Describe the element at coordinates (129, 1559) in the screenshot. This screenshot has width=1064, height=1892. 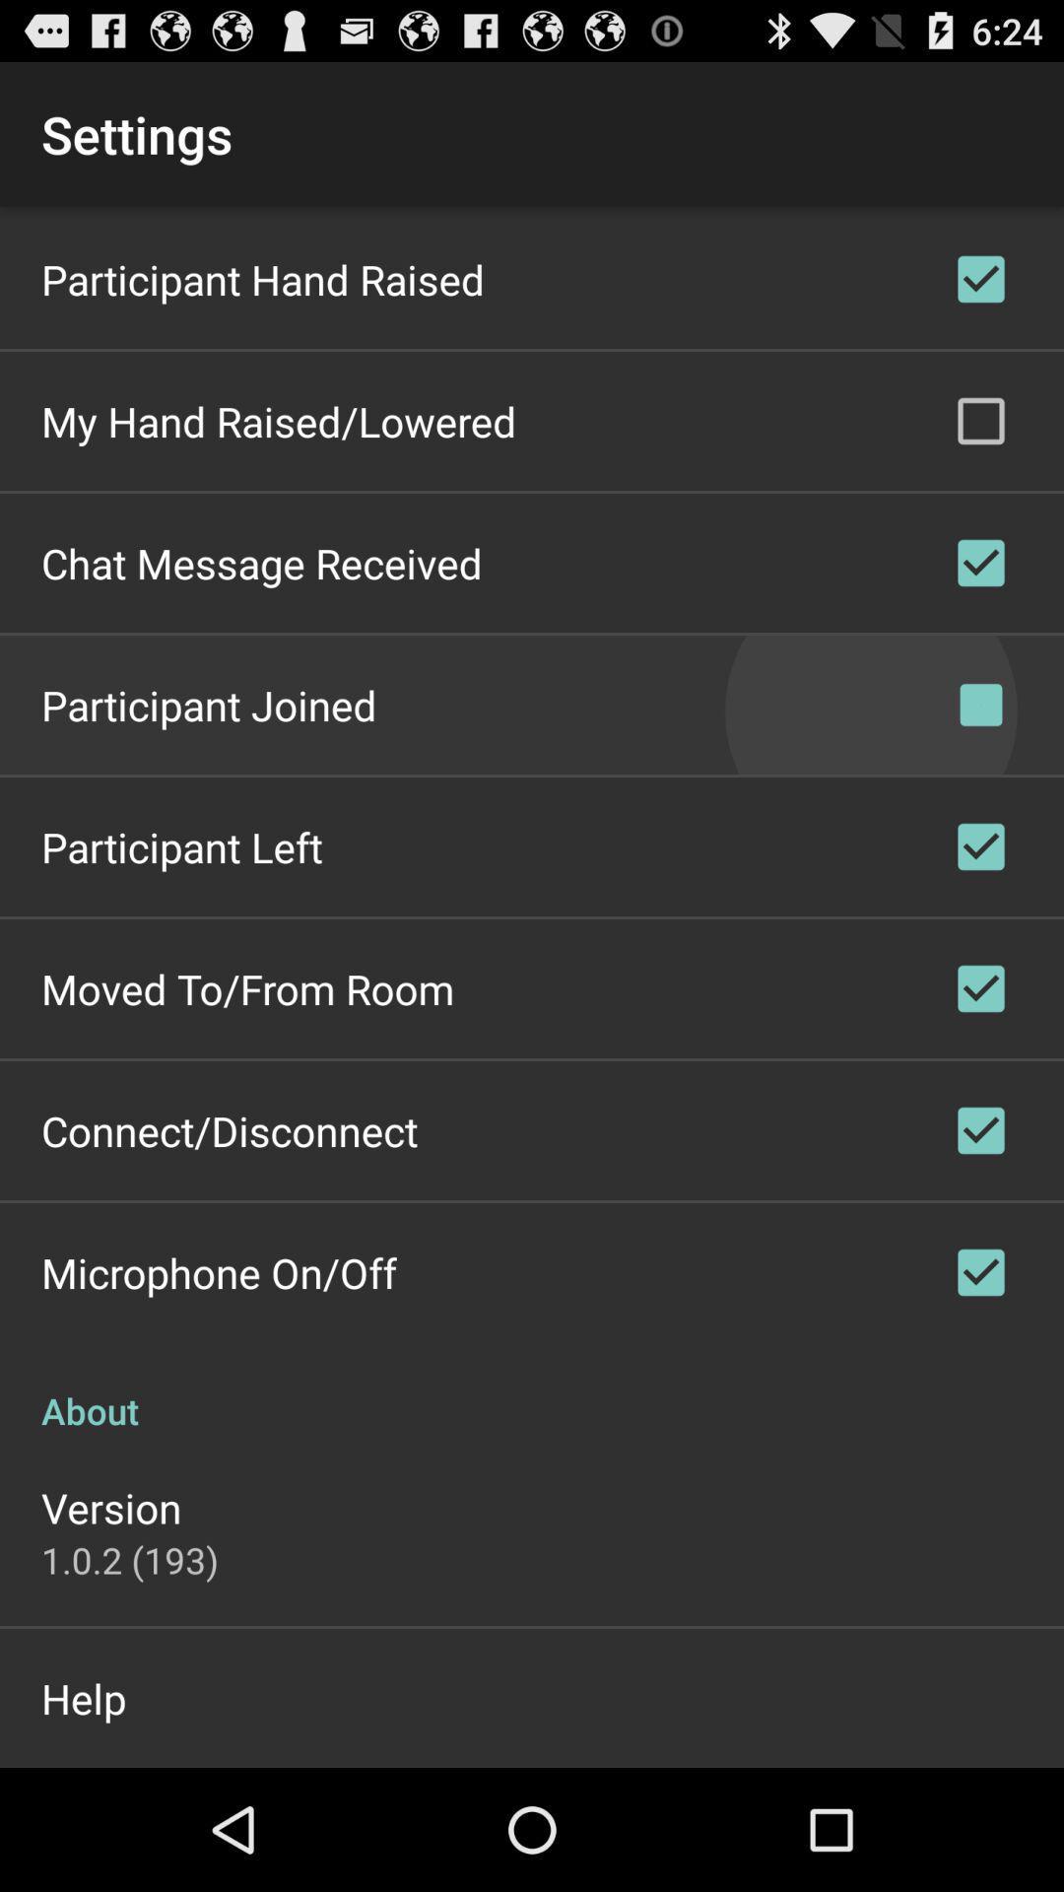
I see `1 0 2 app` at that location.